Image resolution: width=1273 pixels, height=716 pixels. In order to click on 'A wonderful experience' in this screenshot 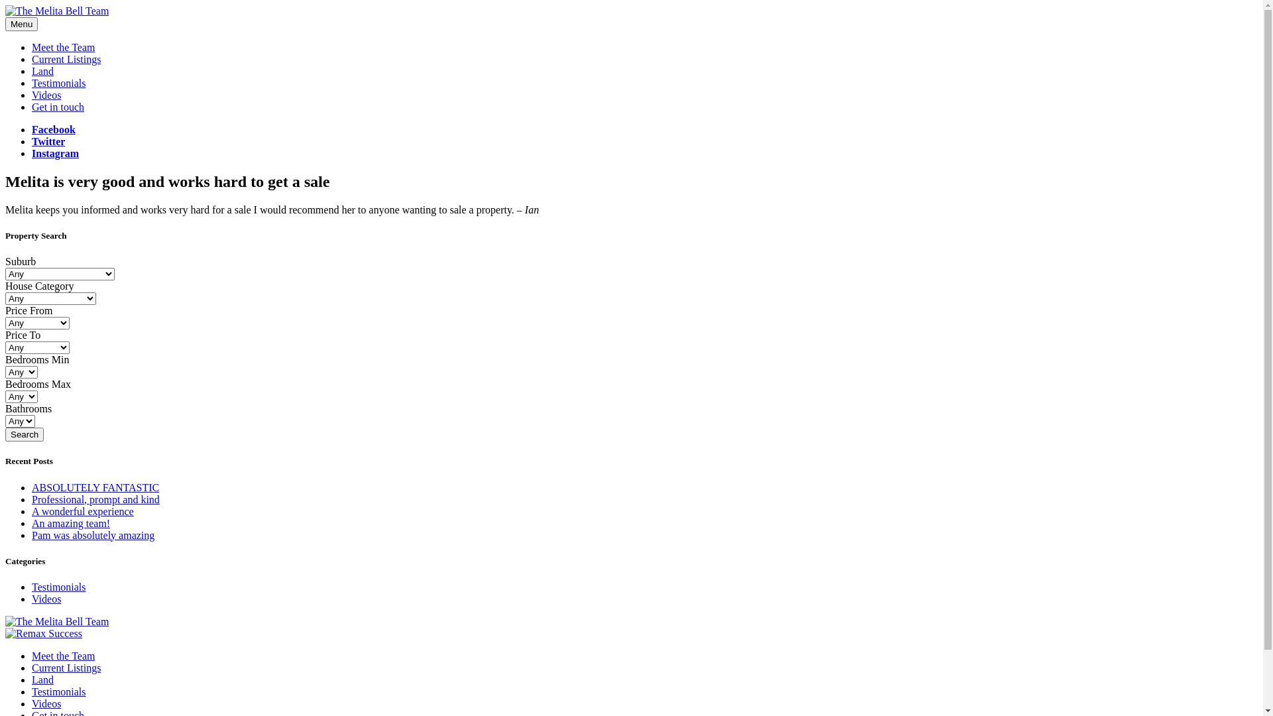, I will do `click(82, 510)`.